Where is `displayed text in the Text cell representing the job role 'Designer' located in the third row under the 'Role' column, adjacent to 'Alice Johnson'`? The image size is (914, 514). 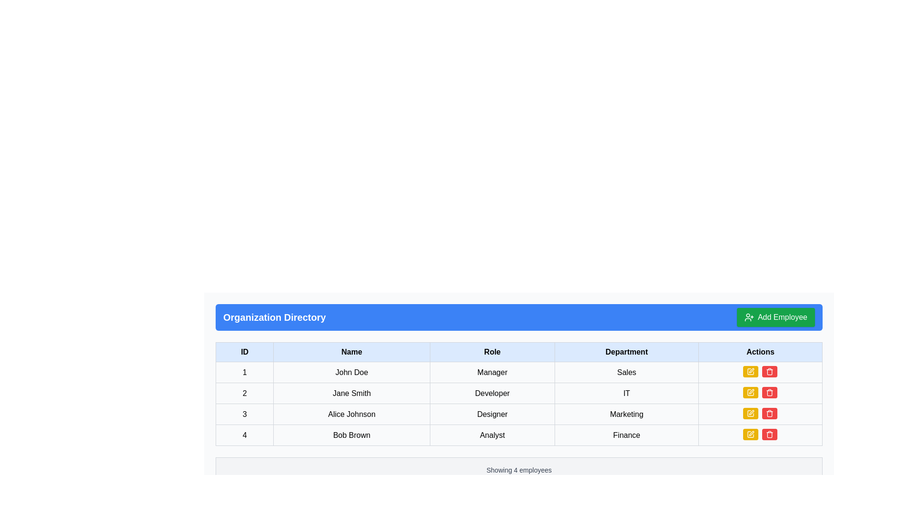 displayed text in the Text cell representing the job role 'Designer' located in the third row under the 'Role' column, adjacent to 'Alice Johnson' is located at coordinates (492, 414).